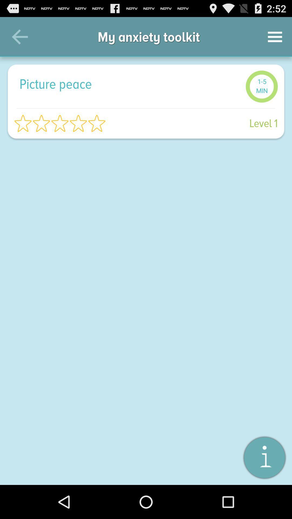 The width and height of the screenshot is (292, 519). Describe the element at coordinates (275, 36) in the screenshot. I see `the item next to my anxiety toolkit item` at that location.